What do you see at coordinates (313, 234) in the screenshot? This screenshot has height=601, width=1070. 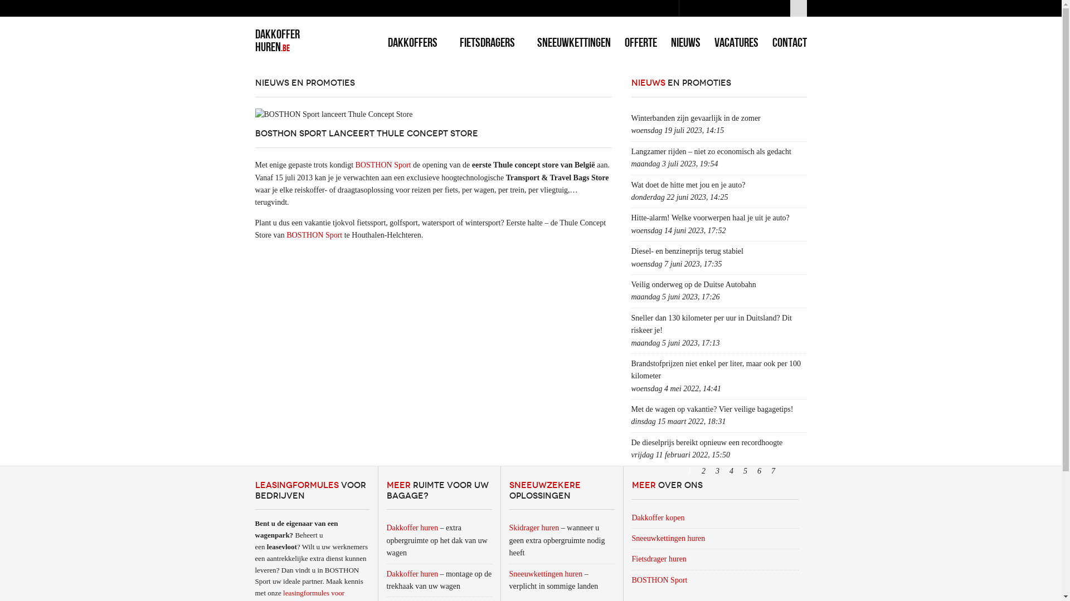 I see `'BOSTHON Sport'` at bounding box center [313, 234].